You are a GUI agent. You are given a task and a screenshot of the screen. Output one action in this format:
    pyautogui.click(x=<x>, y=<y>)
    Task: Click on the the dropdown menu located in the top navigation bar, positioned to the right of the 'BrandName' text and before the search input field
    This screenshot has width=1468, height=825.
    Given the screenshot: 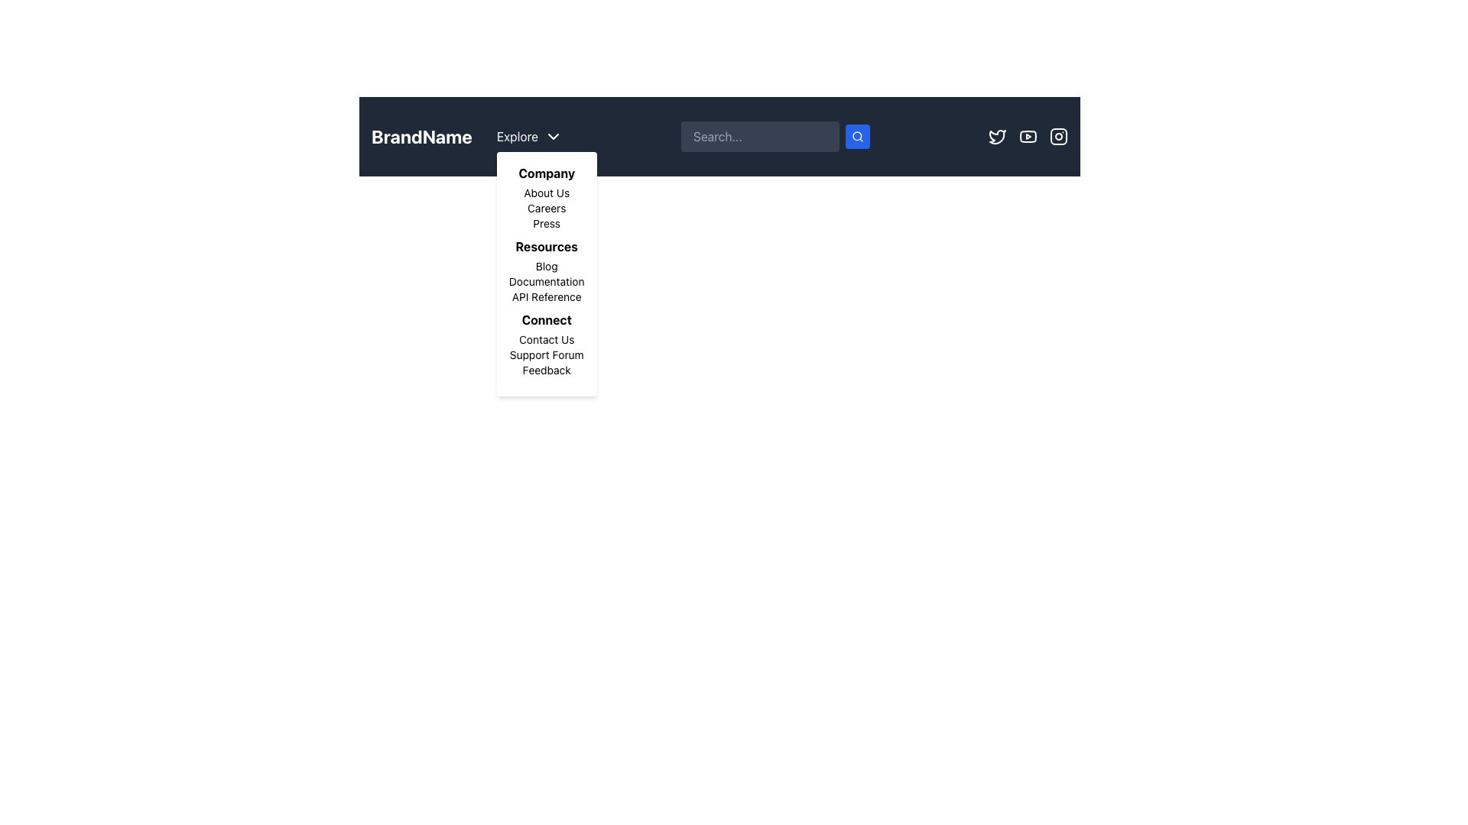 What is the action you would take?
    pyautogui.click(x=529, y=135)
    